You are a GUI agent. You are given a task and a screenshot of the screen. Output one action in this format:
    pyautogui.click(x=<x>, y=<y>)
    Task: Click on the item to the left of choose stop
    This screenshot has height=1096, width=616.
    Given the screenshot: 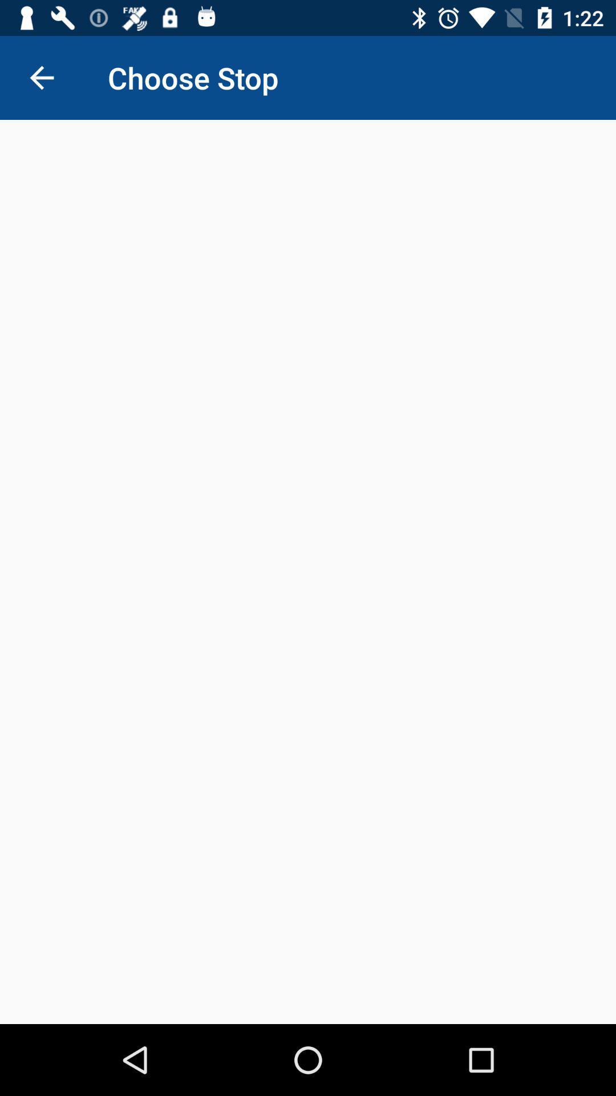 What is the action you would take?
    pyautogui.click(x=41, y=77)
    